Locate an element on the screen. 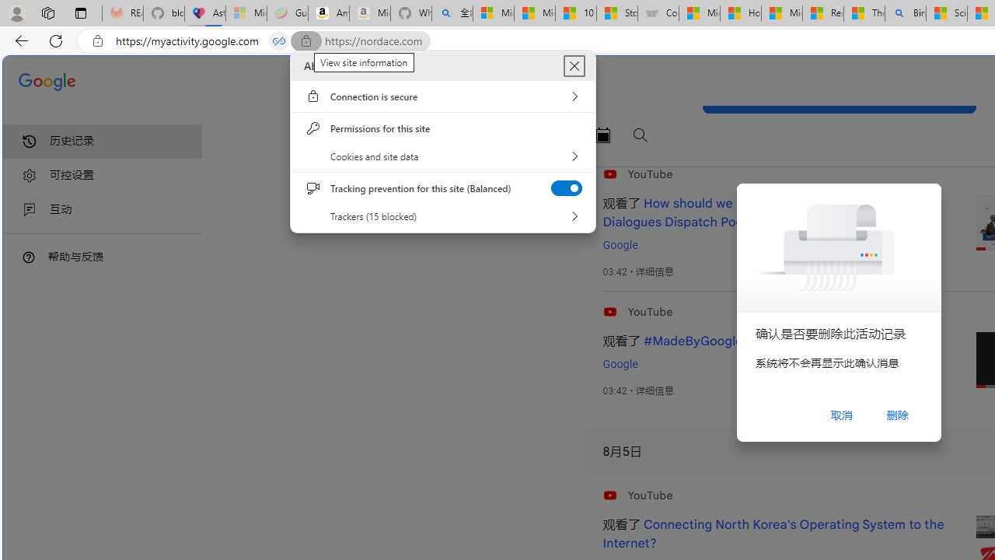 Image resolution: width=995 pixels, height=560 pixels. 'Cookies and site data' is located at coordinates (442, 156).